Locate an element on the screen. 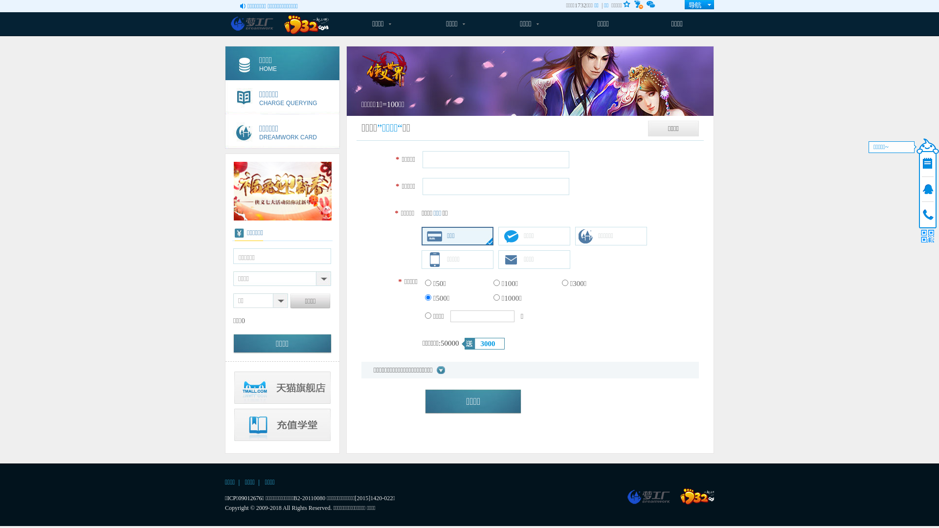  '1732' is located at coordinates (680, 496).